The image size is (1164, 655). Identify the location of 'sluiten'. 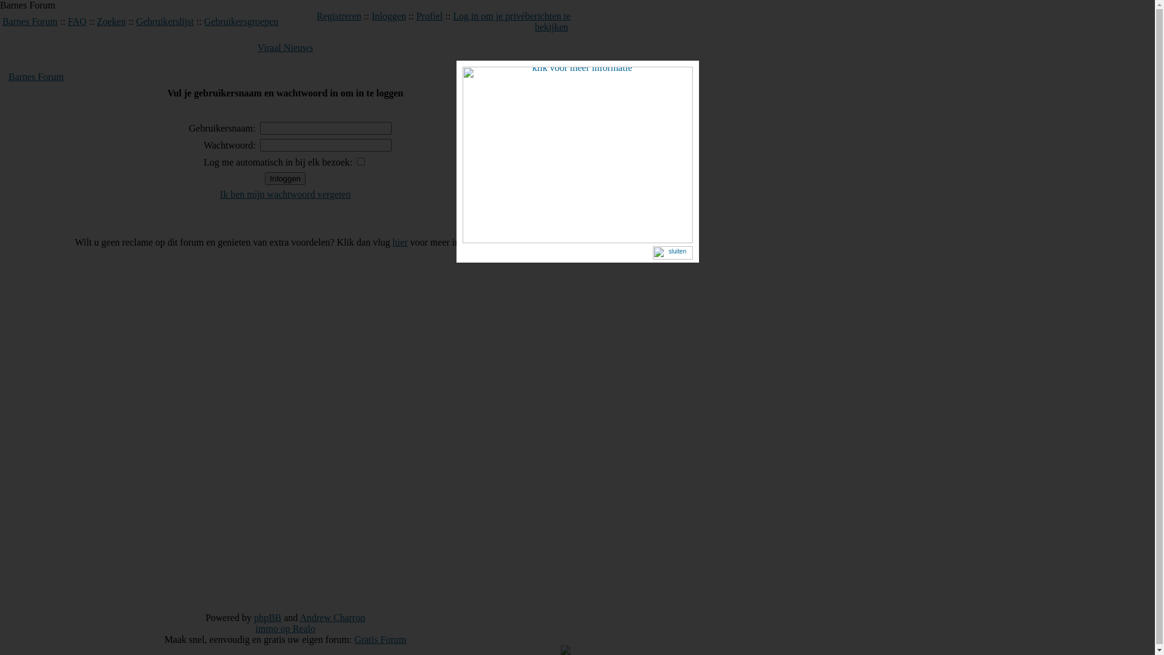
(671, 254).